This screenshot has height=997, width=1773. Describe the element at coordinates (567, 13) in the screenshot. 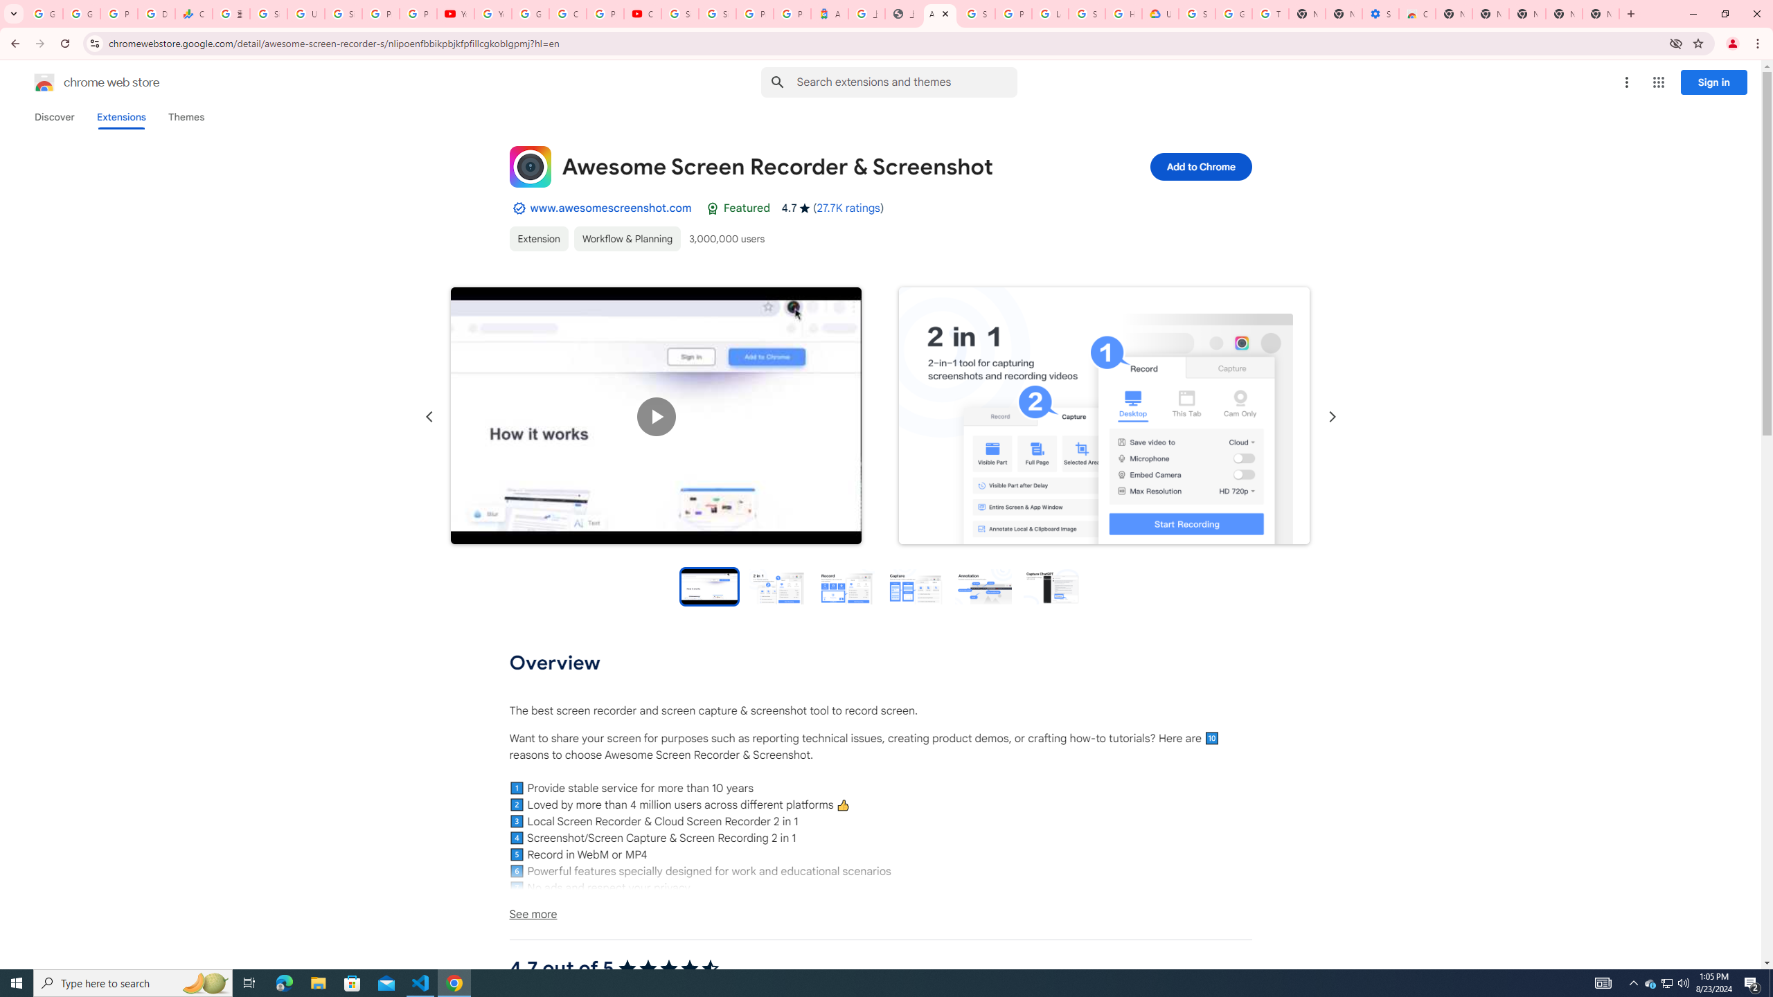

I see `'Create your Google Account'` at that location.